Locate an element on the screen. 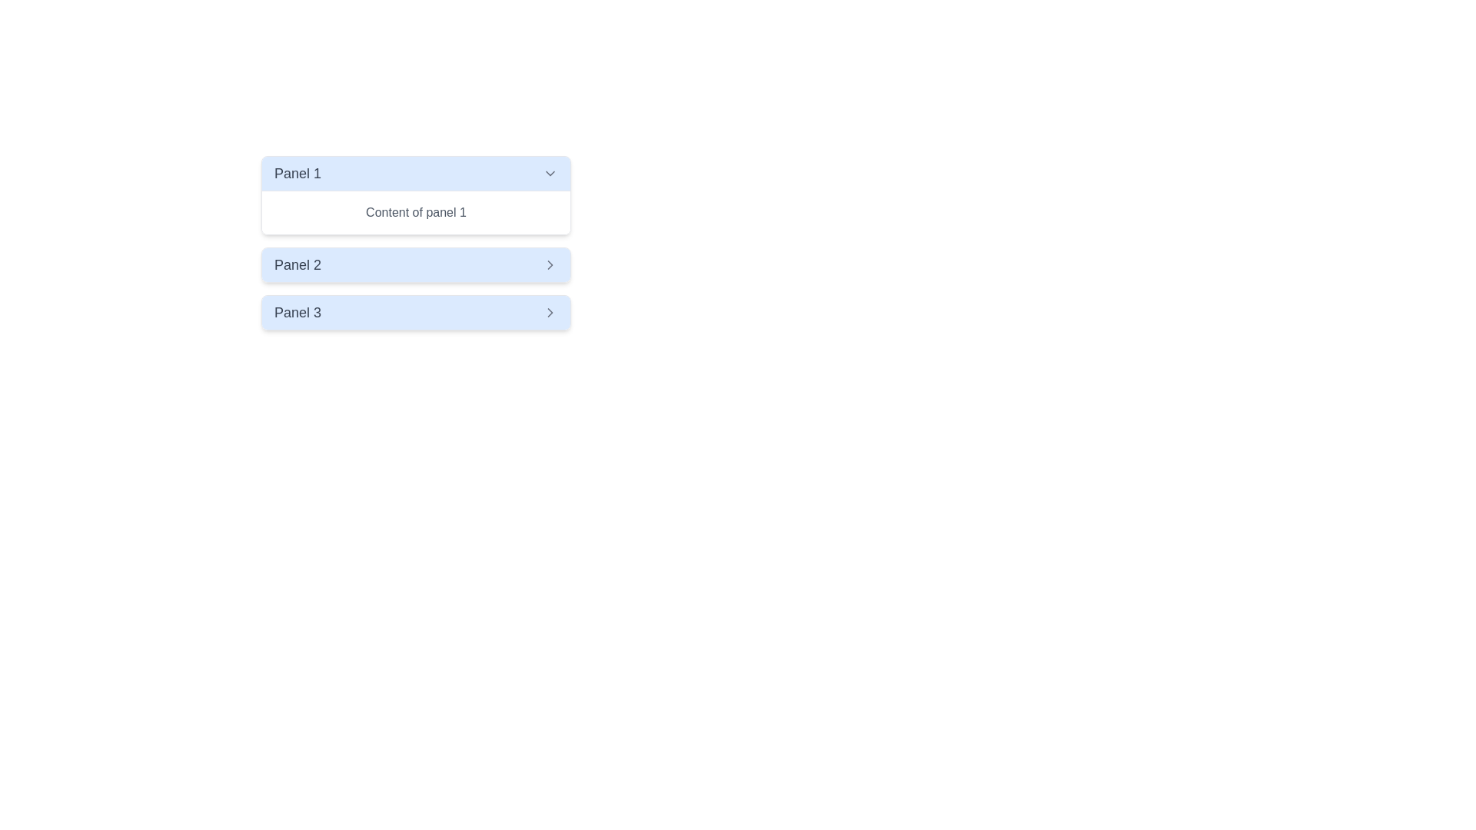 The width and height of the screenshot is (1476, 830). the right-facing chevron icon located at the far right side of the 'Panel 2' rectangular panel is located at coordinates (550, 264).